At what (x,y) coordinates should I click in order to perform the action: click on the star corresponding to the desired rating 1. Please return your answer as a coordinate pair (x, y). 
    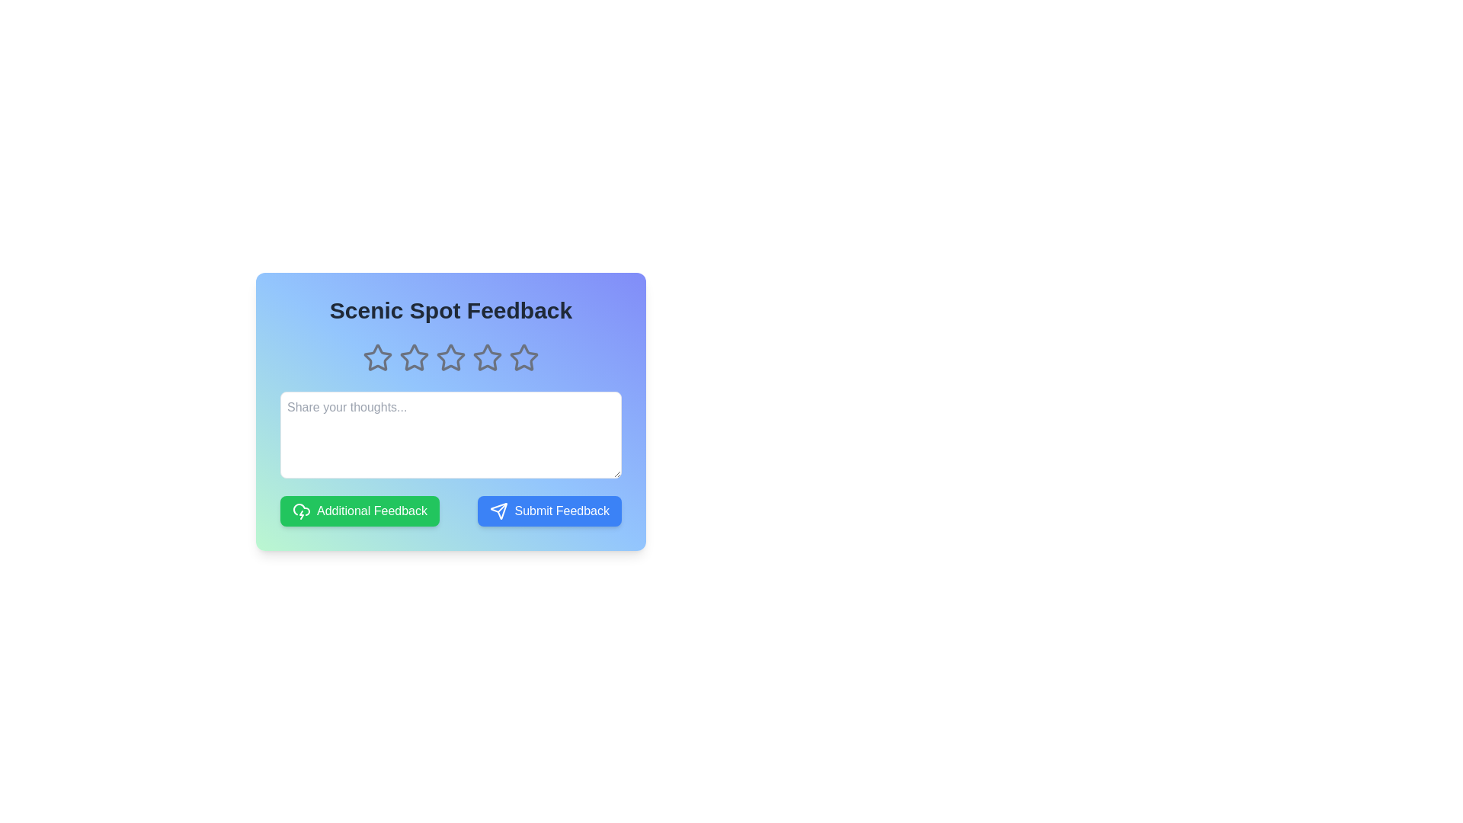
    Looking at the image, I should click on (377, 358).